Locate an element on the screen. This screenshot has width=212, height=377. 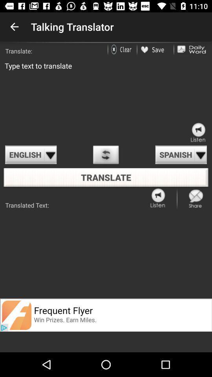
save is located at coordinates (155, 49).